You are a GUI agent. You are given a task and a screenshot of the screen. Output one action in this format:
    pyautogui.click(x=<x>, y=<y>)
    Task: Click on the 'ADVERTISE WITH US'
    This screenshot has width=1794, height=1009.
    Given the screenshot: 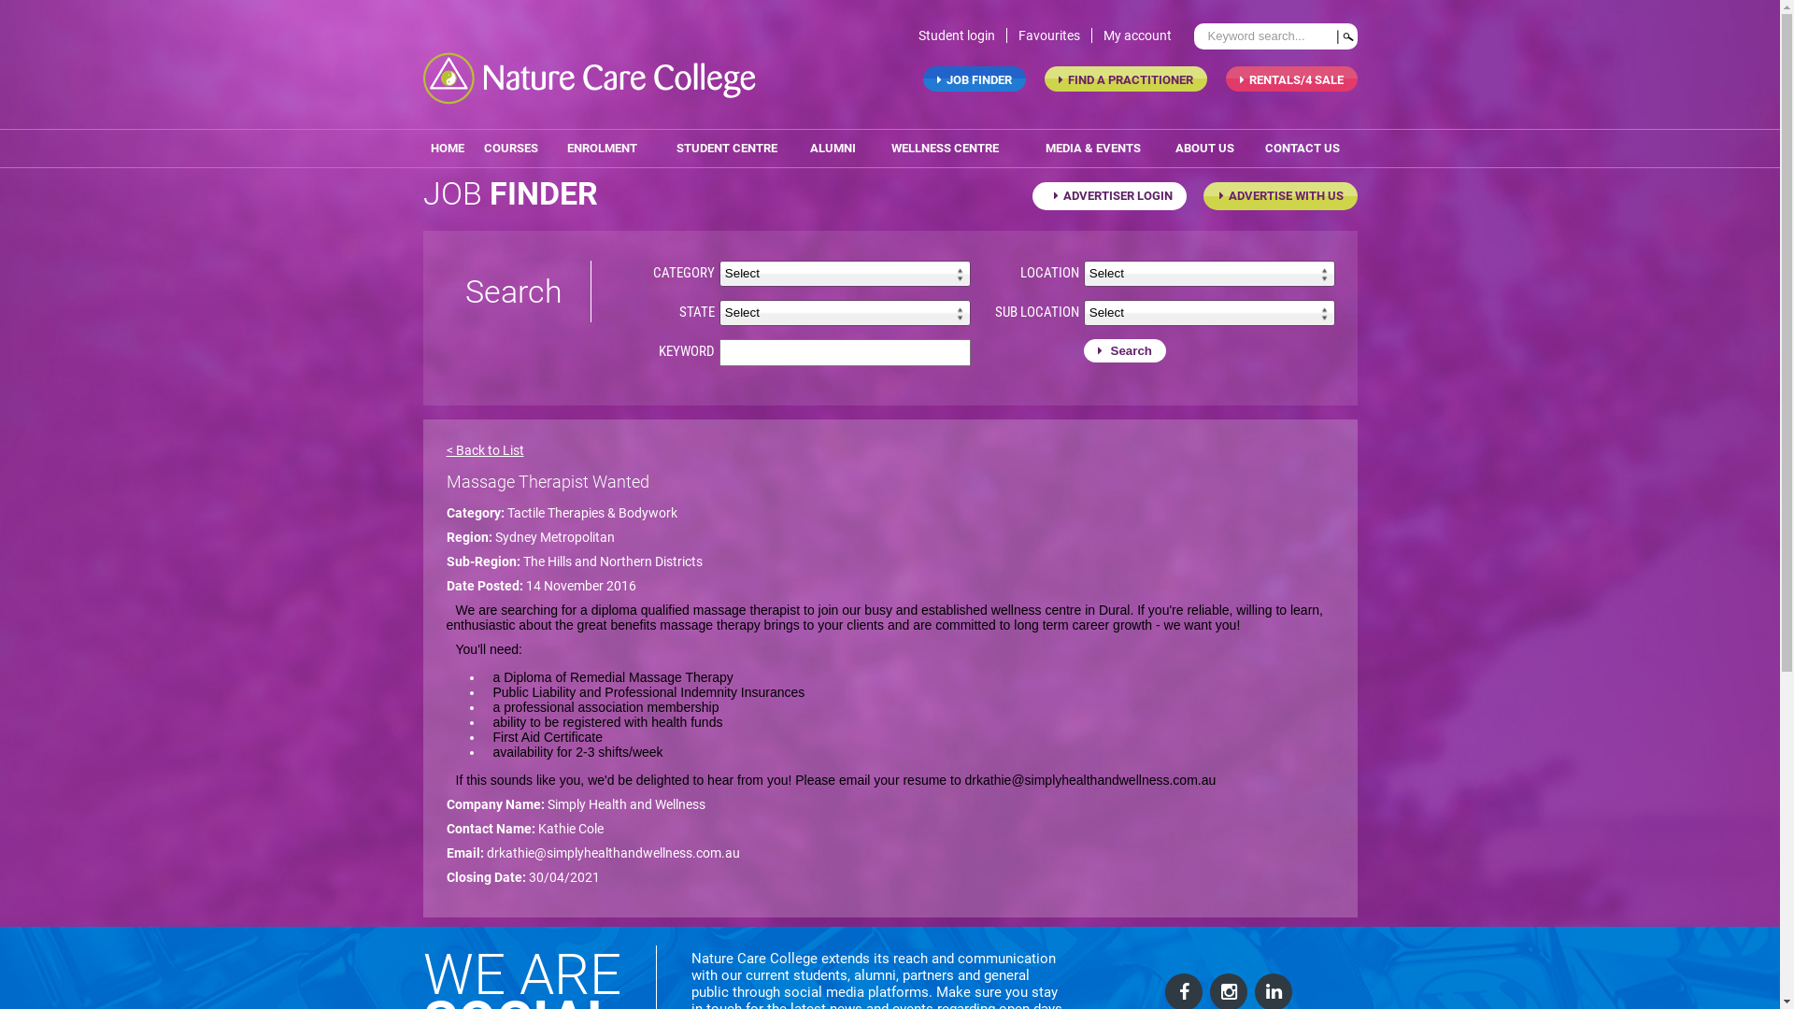 What is the action you would take?
    pyautogui.click(x=1279, y=195)
    